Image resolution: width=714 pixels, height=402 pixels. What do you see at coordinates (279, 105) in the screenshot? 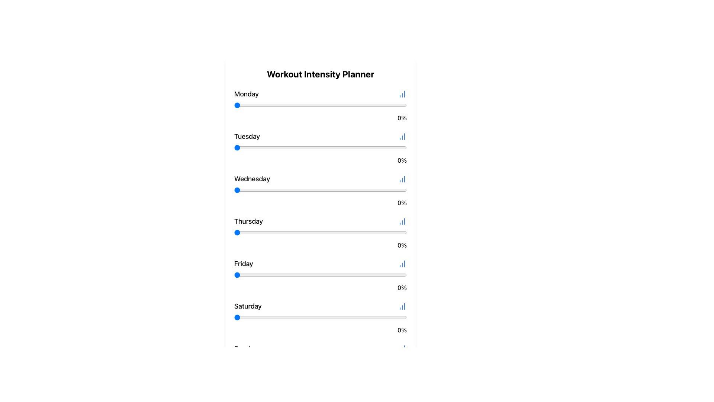
I see `the workout intensity for Monday` at bounding box center [279, 105].